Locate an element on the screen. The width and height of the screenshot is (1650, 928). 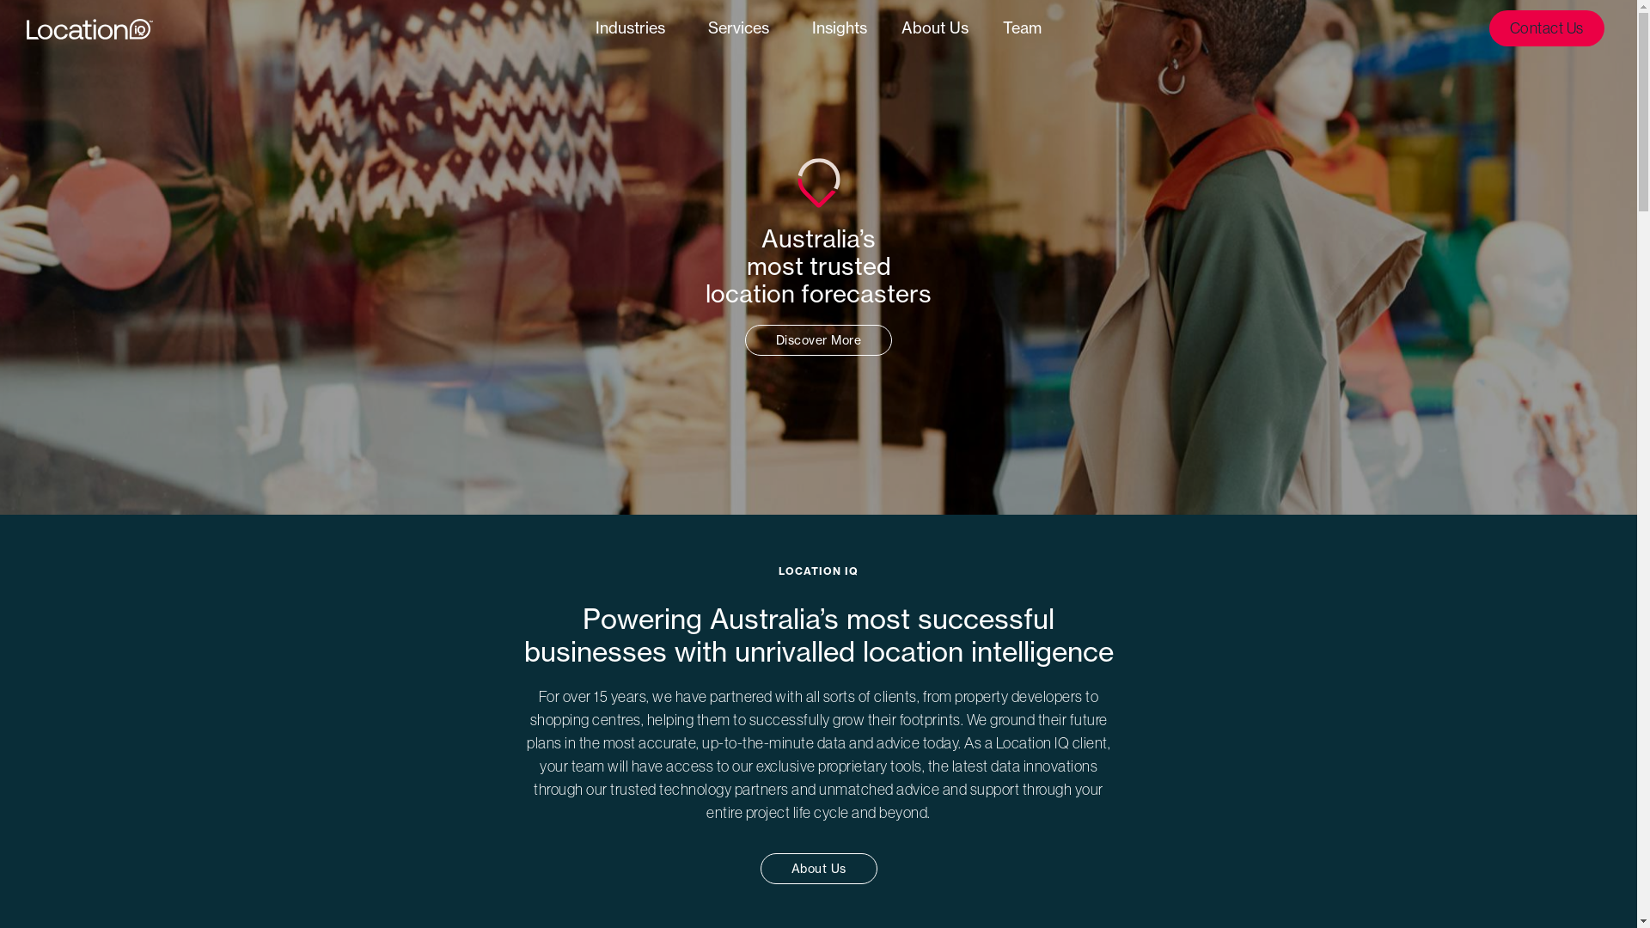
'Services' is located at coordinates (742, 28).